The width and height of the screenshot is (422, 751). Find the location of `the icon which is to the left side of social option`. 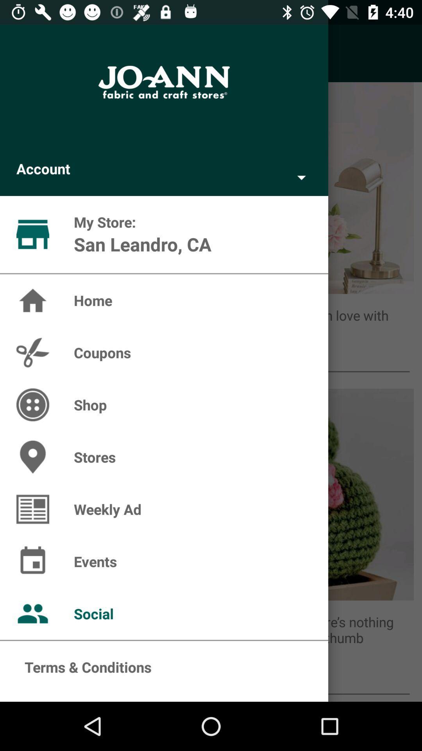

the icon which is to the left side of social option is located at coordinates (32, 613).